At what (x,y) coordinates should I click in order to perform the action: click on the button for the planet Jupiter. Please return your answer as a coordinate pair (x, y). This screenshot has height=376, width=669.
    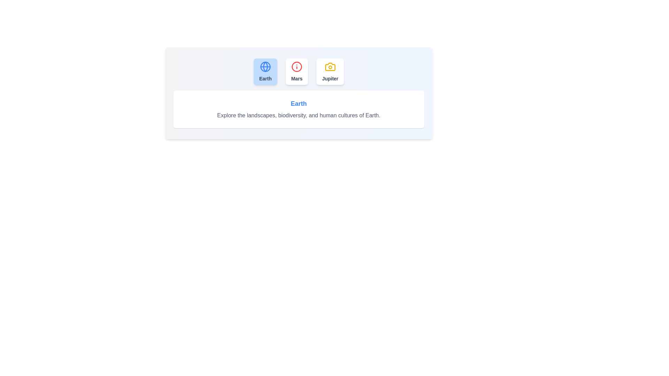
    Looking at the image, I should click on (330, 71).